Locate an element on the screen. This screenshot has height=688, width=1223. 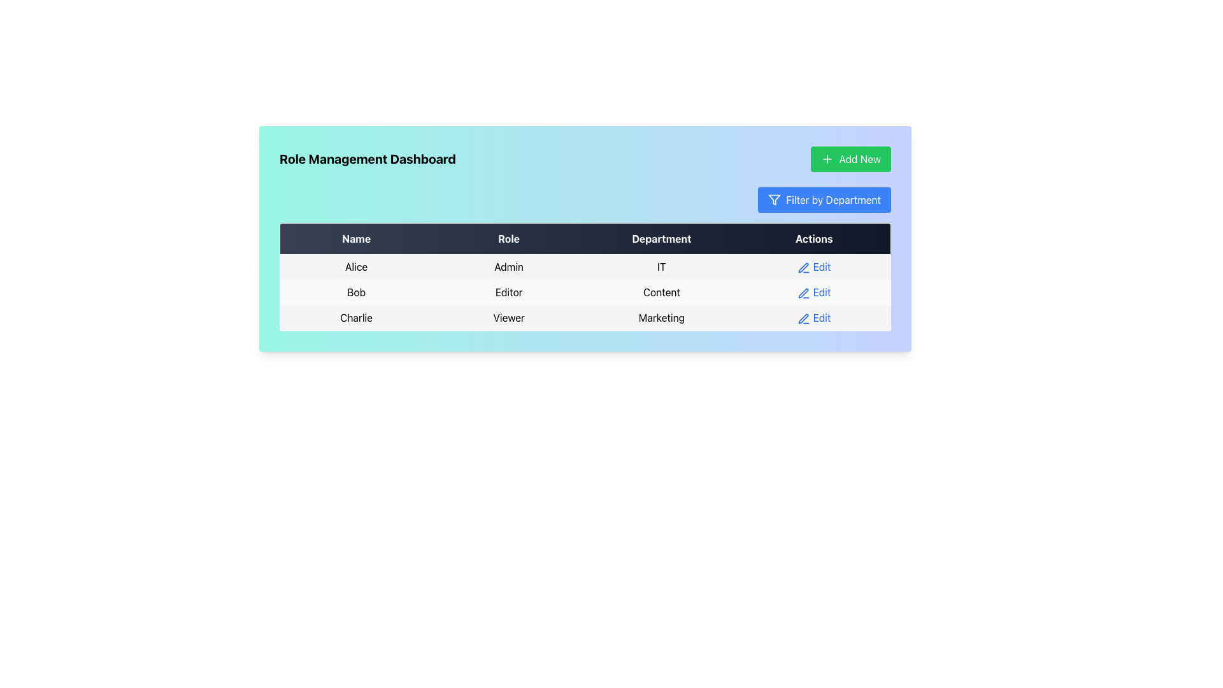
the text label displaying 'Viewer' in bold black font, located in the third row under the 'Role' column of the table is located at coordinates (508, 317).